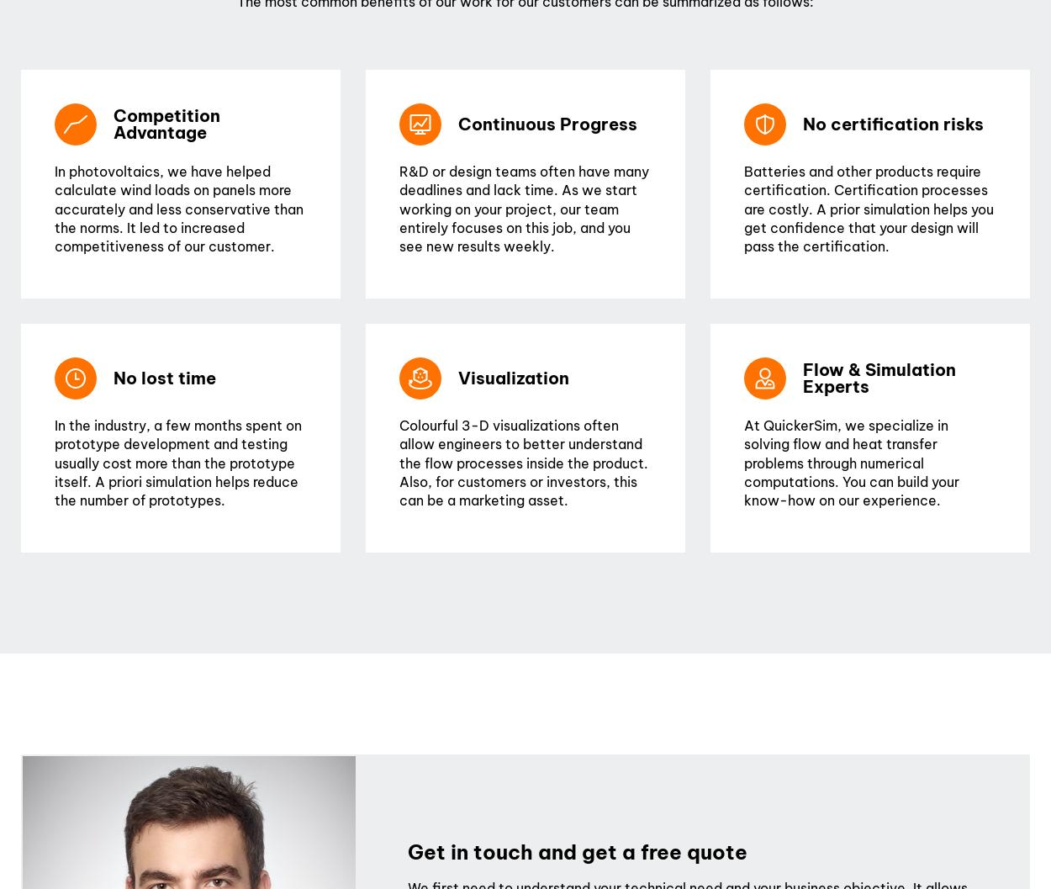 The height and width of the screenshot is (889, 1051). What do you see at coordinates (178, 207) in the screenshot?
I see `'In photovoltaics, we have helped calculate wind loads on panels more accurately and less conservative than the norms. It led to increased competitiveness of our customer.'` at bounding box center [178, 207].